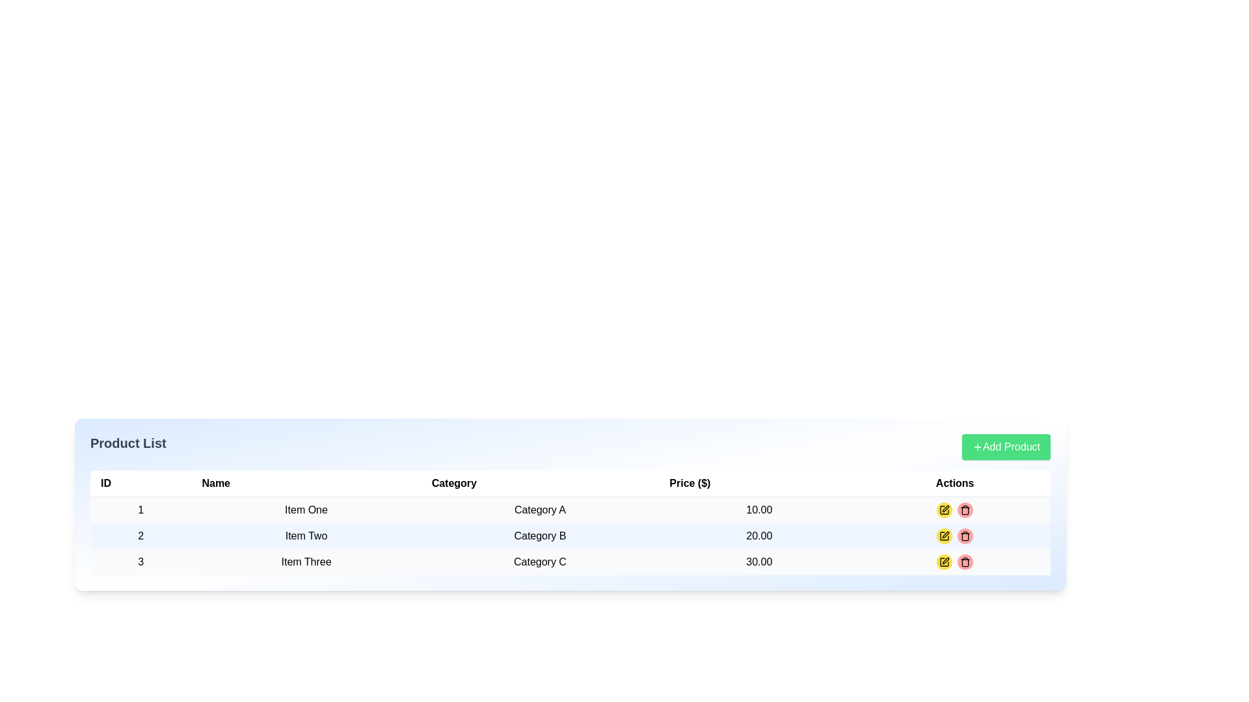  Describe the element at coordinates (955, 536) in the screenshot. I see `the delete icon in the Actions column of the row for 'Item Two'` at that location.